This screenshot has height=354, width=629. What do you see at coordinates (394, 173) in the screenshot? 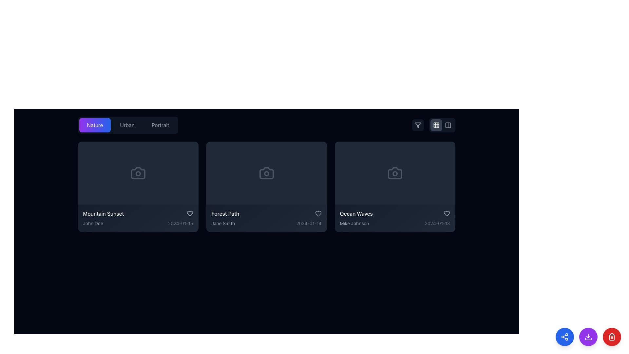
I see `the visual placeholder or media icon representing a content item in the grid layout under the title 'Ocean Waves'` at bounding box center [394, 173].